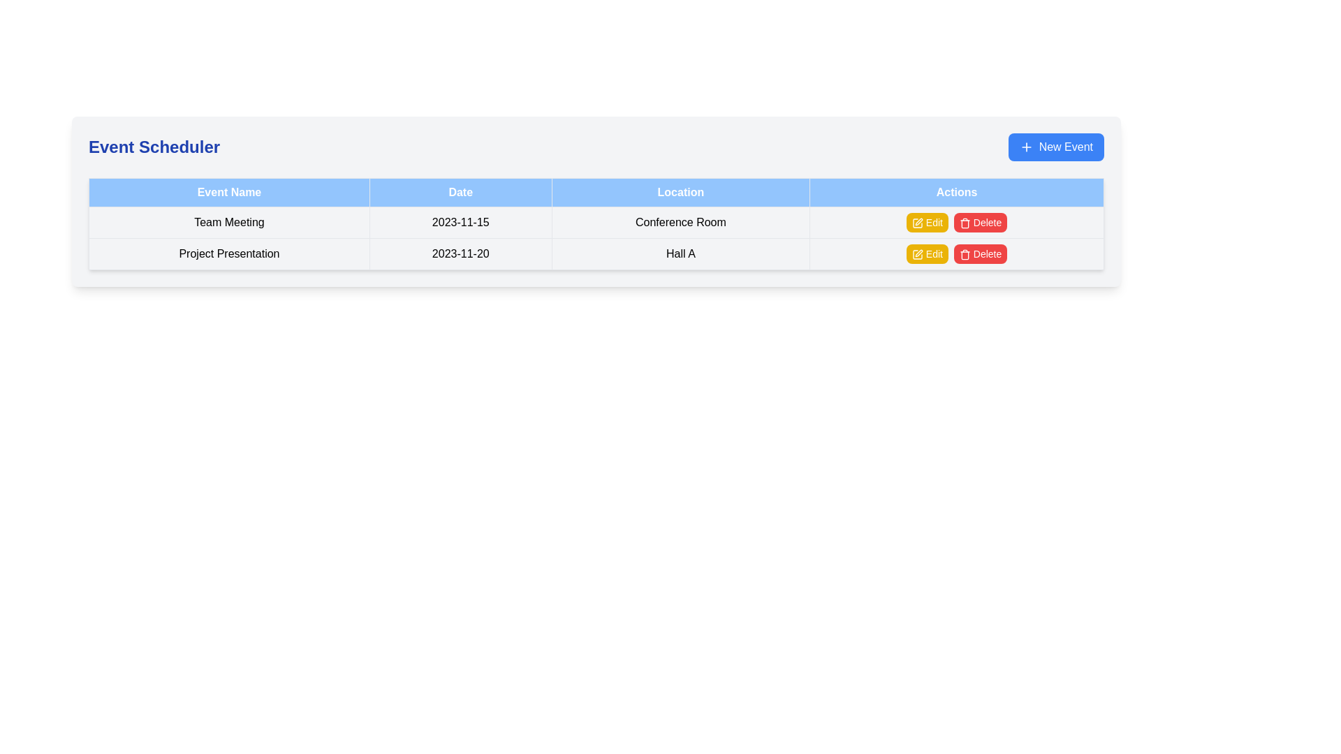 This screenshot has height=754, width=1341. What do you see at coordinates (229, 222) in the screenshot?
I see `the static text label displaying 'Team Meeting' which is centered in a rectangular cell within a table structure in the scheduler interface` at bounding box center [229, 222].